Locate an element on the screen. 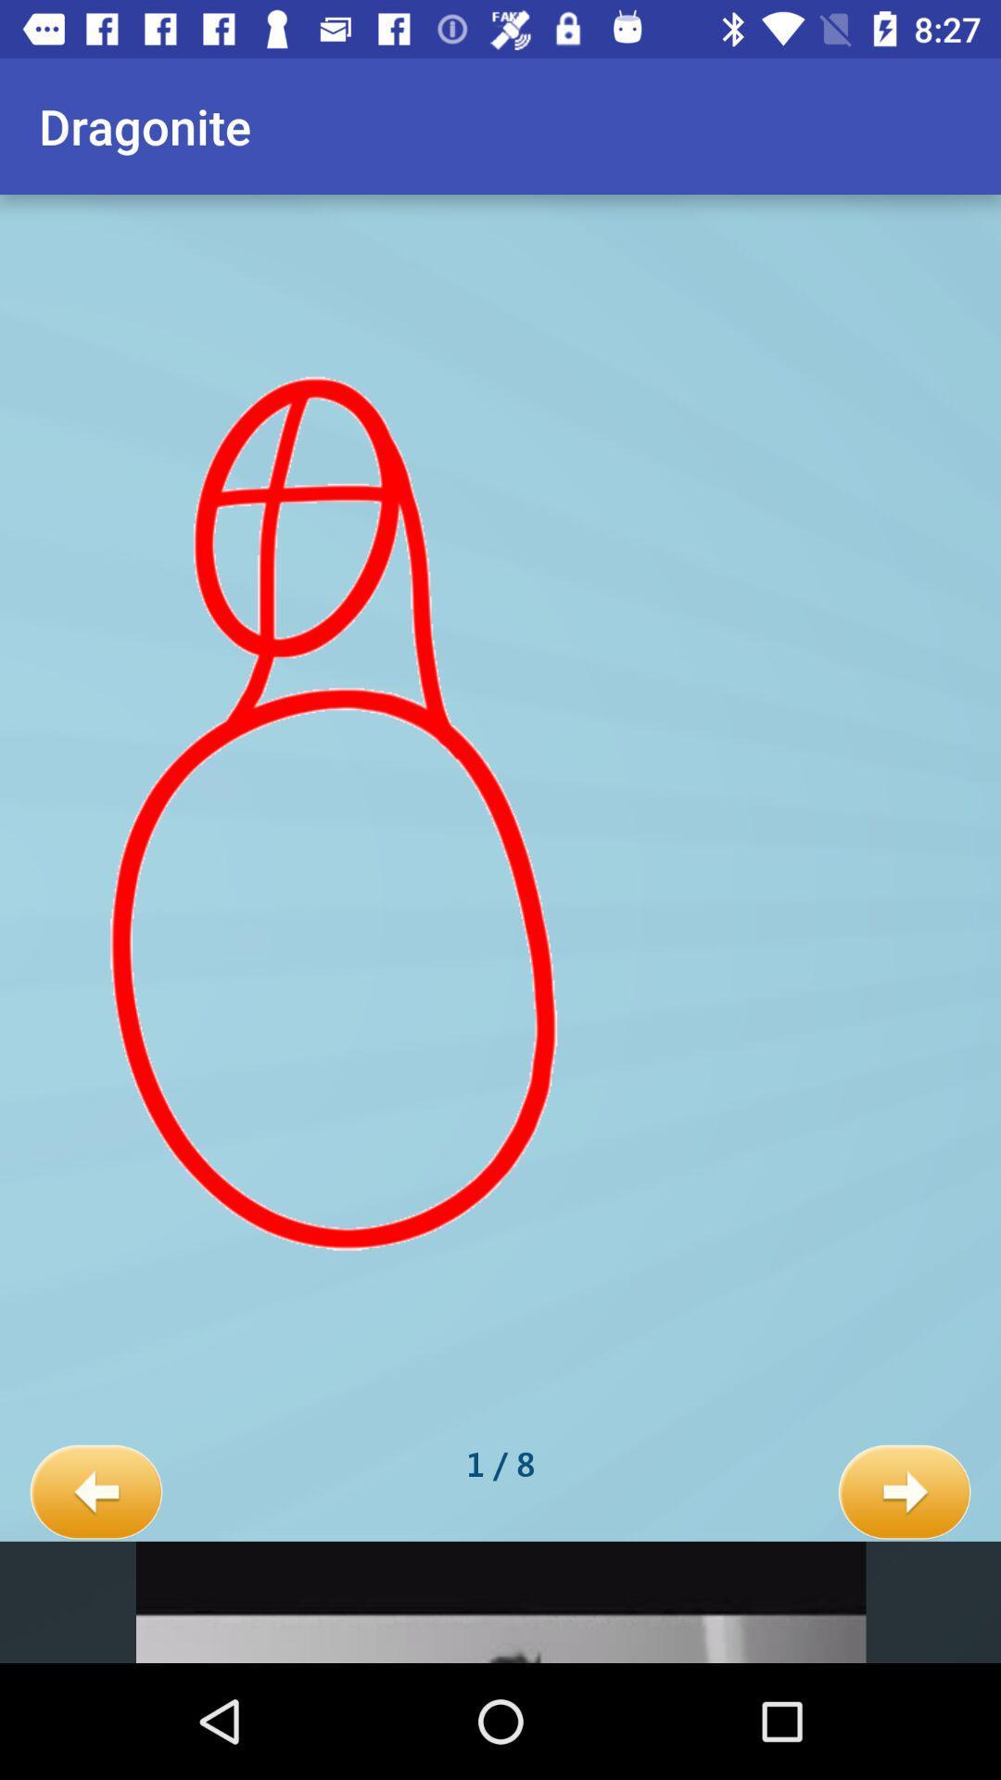 This screenshot has height=1780, width=1001. the icon below dragonite item is located at coordinates (95, 1493).